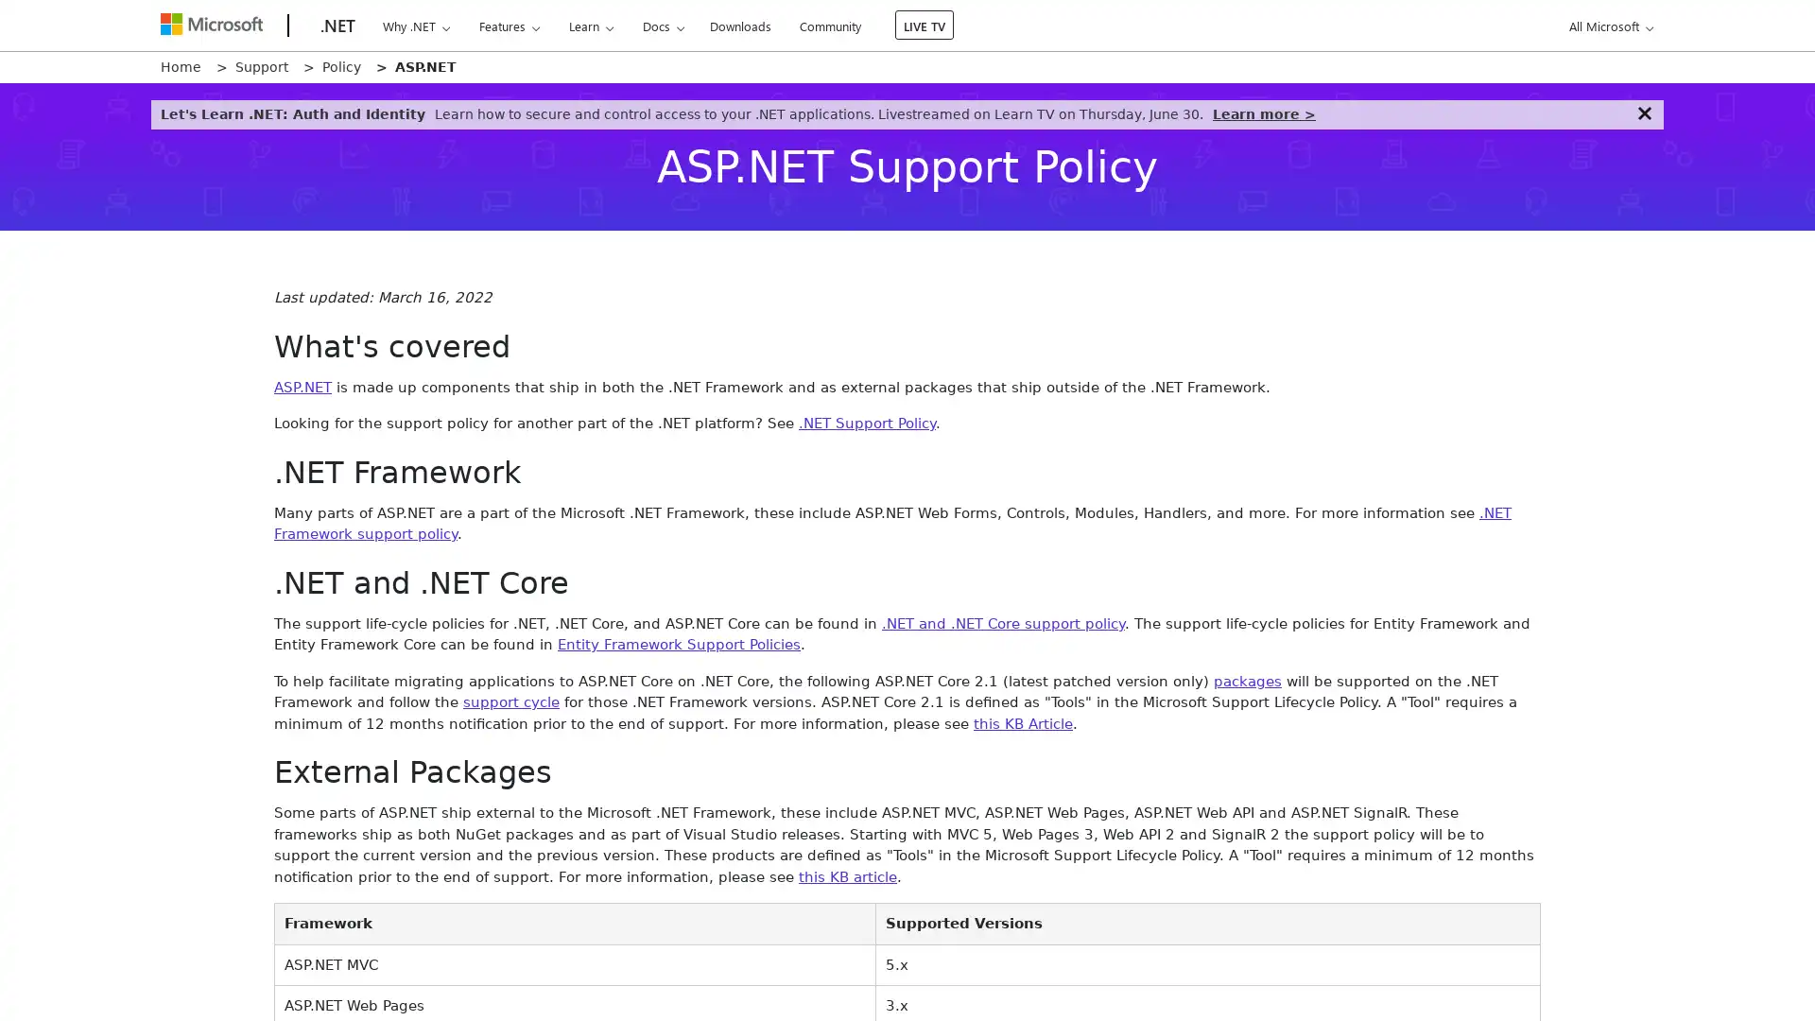  What do you see at coordinates (509, 26) in the screenshot?
I see `Features` at bounding box center [509, 26].